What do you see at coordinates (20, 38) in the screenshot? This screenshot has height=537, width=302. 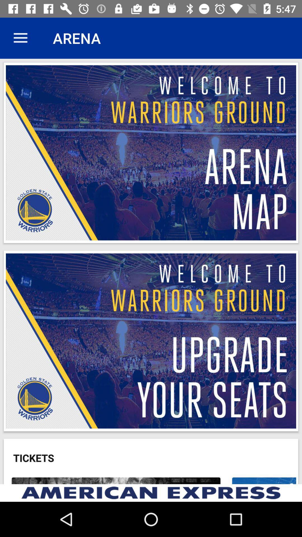 I see `the item next to arena item` at bounding box center [20, 38].